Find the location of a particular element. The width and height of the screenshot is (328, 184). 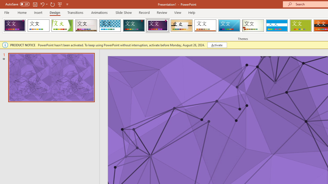

'Banded' is located at coordinates (276, 26).